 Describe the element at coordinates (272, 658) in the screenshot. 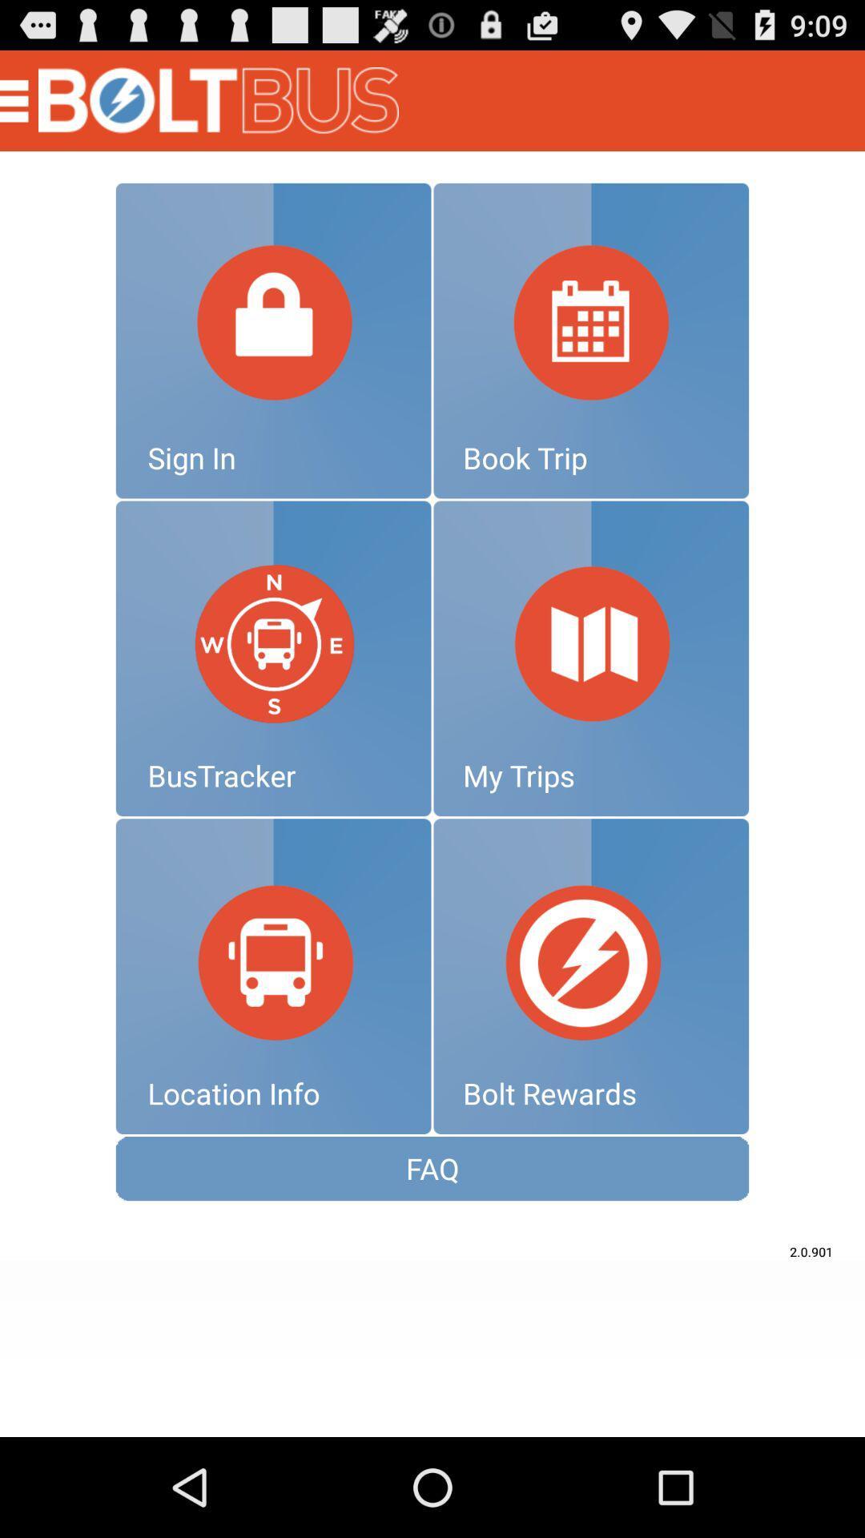

I see `explore bustracker` at that location.